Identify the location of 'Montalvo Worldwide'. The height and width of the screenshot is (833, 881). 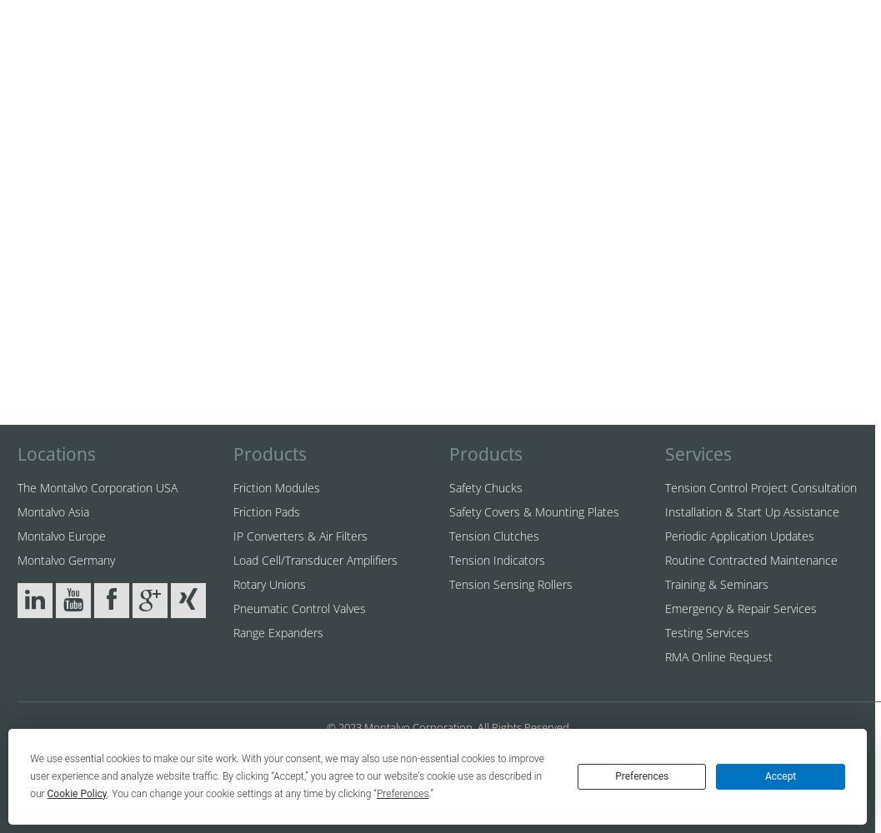
(138, 744).